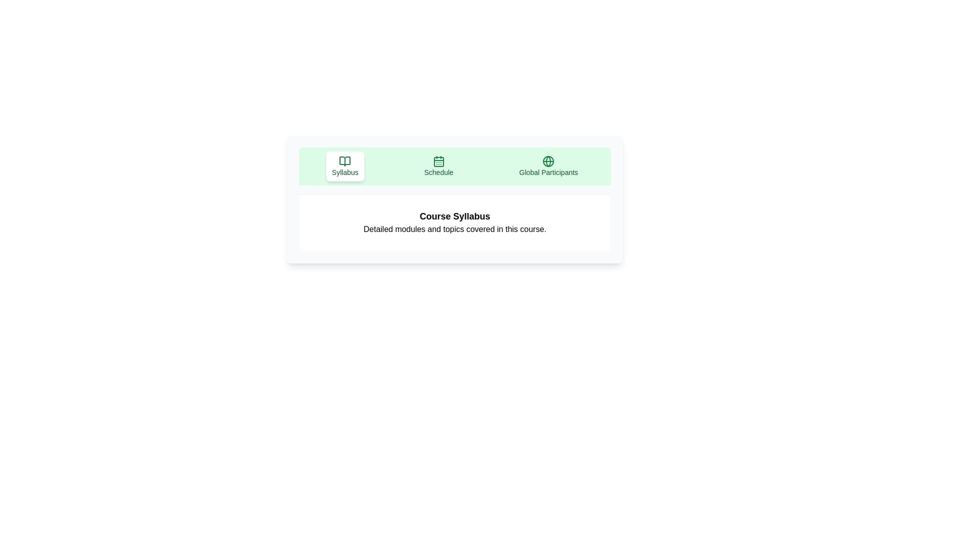 Image resolution: width=960 pixels, height=540 pixels. What do you see at coordinates (345, 165) in the screenshot?
I see `the 'Syllabus' tab to activate it` at bounding box center [345, 165].